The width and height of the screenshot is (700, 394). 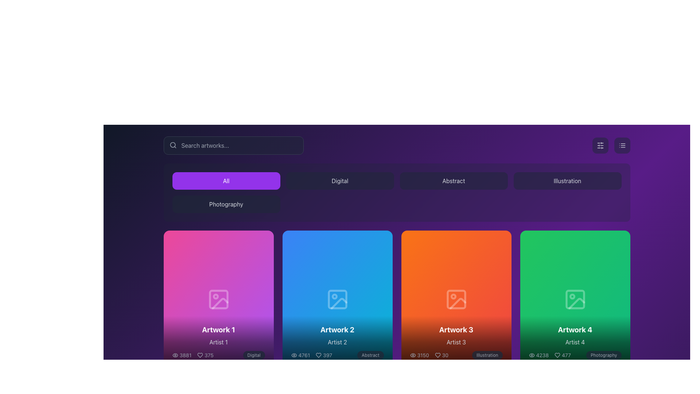 I want to click on the 'like' or 'favorite' icon located at the lower section of the content card for 'Artwork 1', which is positioned near the numeric label indicating a count, so click(x=200, y=355).